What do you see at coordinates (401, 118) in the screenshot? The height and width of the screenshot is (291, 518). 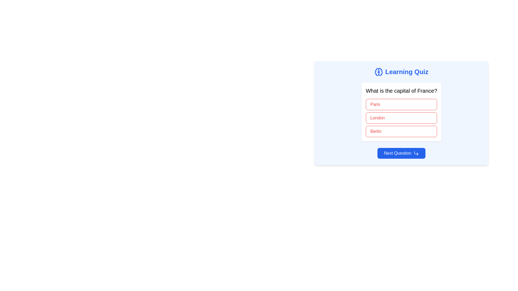 I see `the second button in the multiple-choice question stack to change its background color, which represents the choice of 'London'` at bounding box center [401, 118].